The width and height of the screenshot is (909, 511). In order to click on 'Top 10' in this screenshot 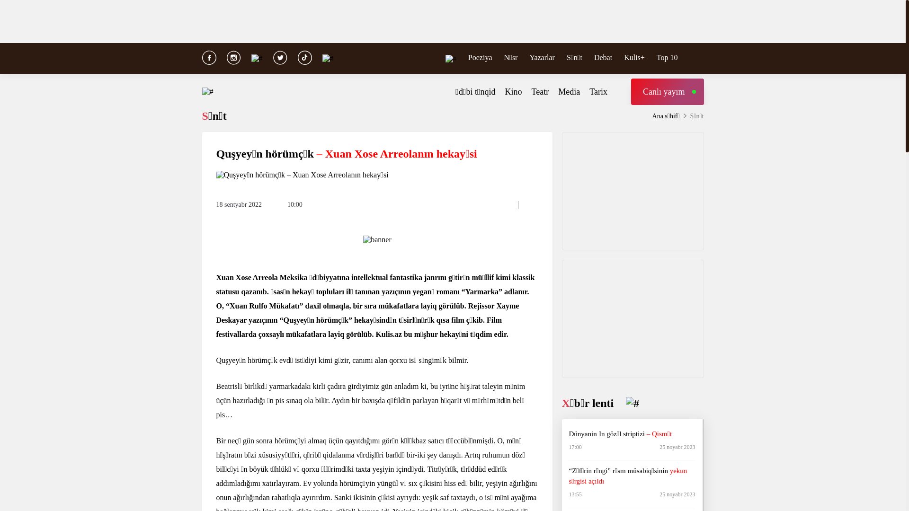, I will do `click(667, 57)`.